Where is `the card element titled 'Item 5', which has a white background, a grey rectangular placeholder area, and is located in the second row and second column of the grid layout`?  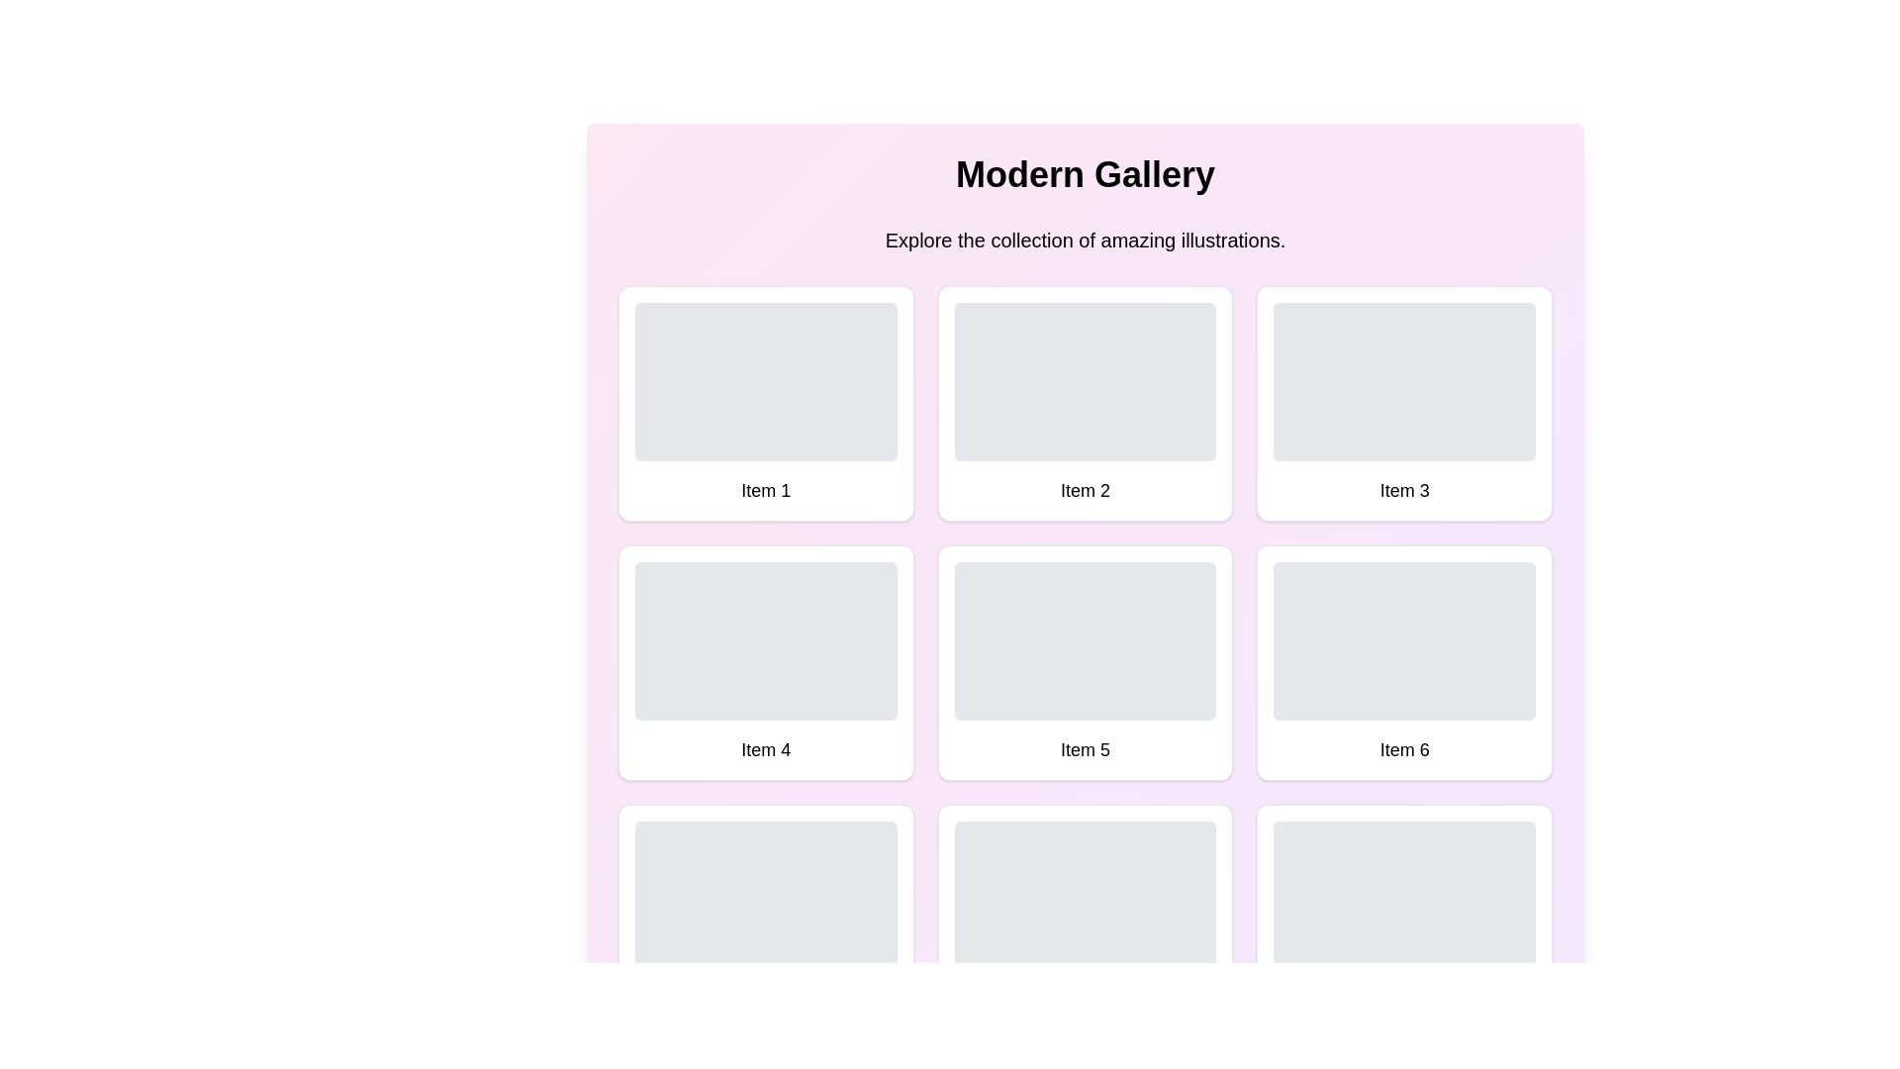 the card element titled 'Item 5', which has a white background, a grey rectangular placeholder area, and is located in the second row and second column of the grid layout is located at coordinates (1084, 663).